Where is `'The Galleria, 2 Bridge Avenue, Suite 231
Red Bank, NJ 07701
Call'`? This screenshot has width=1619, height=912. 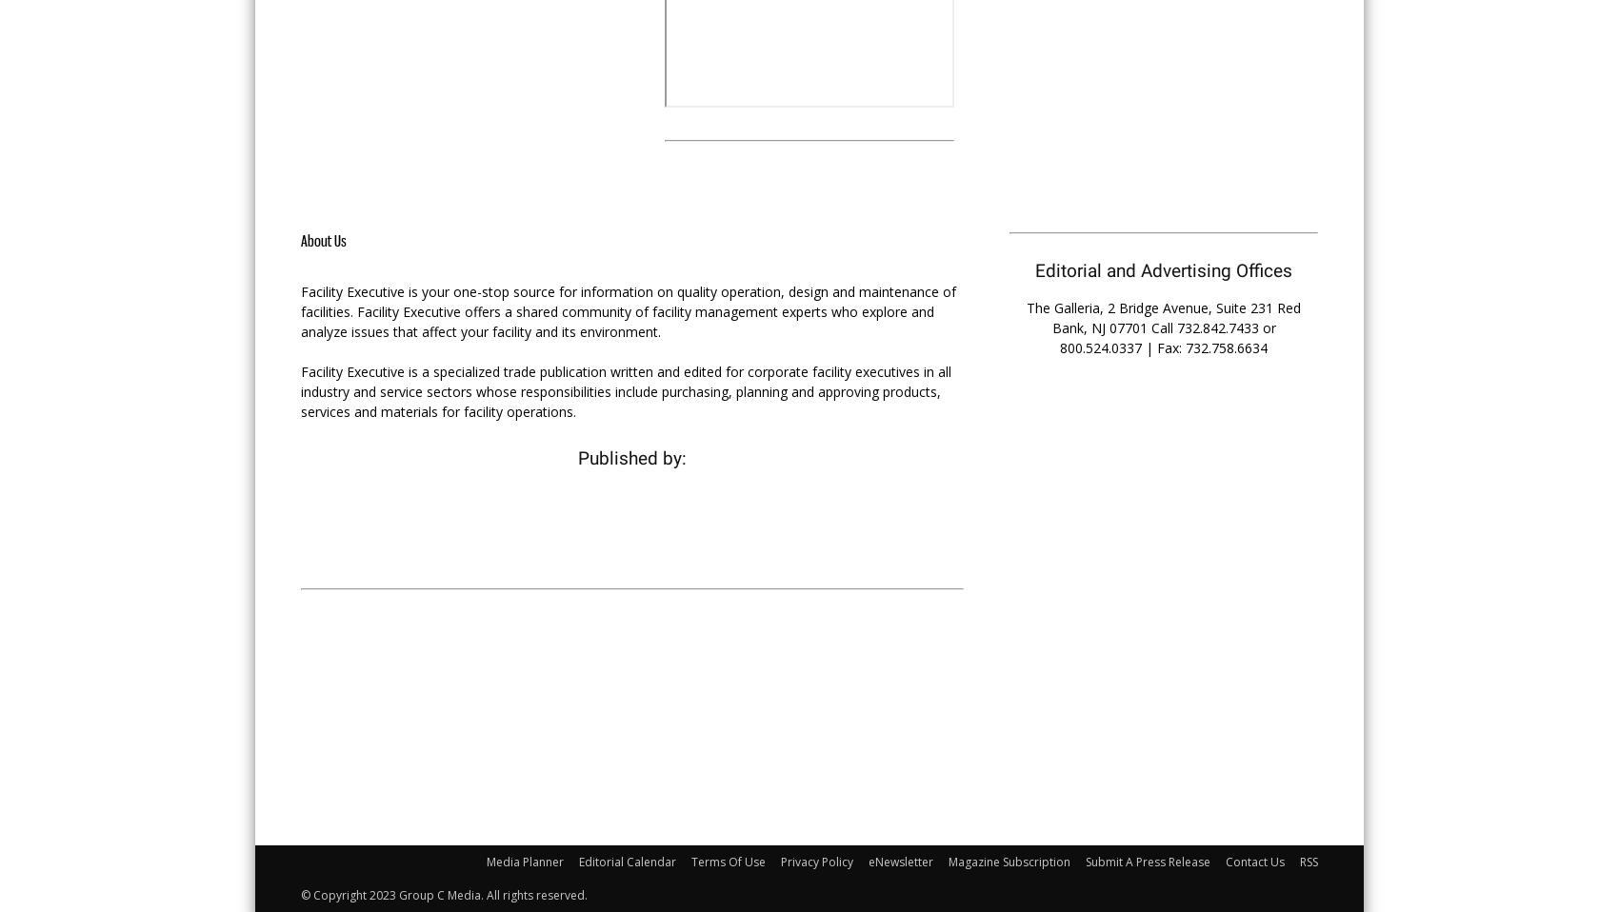 'The Galleria, 2 Bridge Avenue, Suite 231
Red Bank, NJ 07701
Call' is located at coordinates (1162, 316).